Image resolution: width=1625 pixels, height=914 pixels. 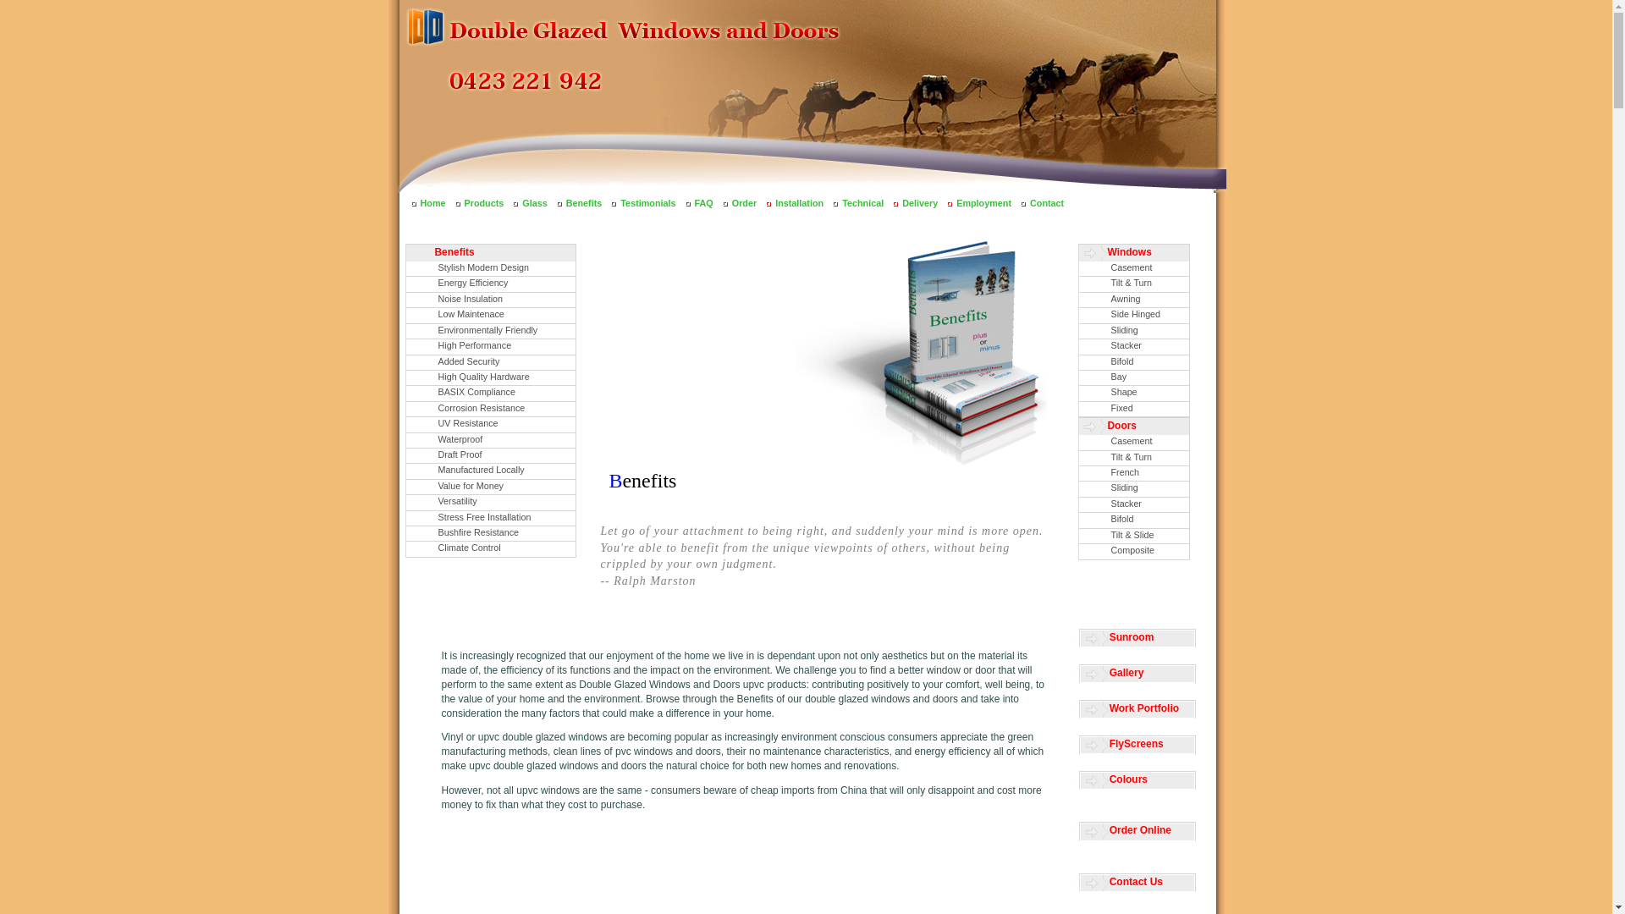 I want to click on 'High Performance', so click(x=490, y=345).